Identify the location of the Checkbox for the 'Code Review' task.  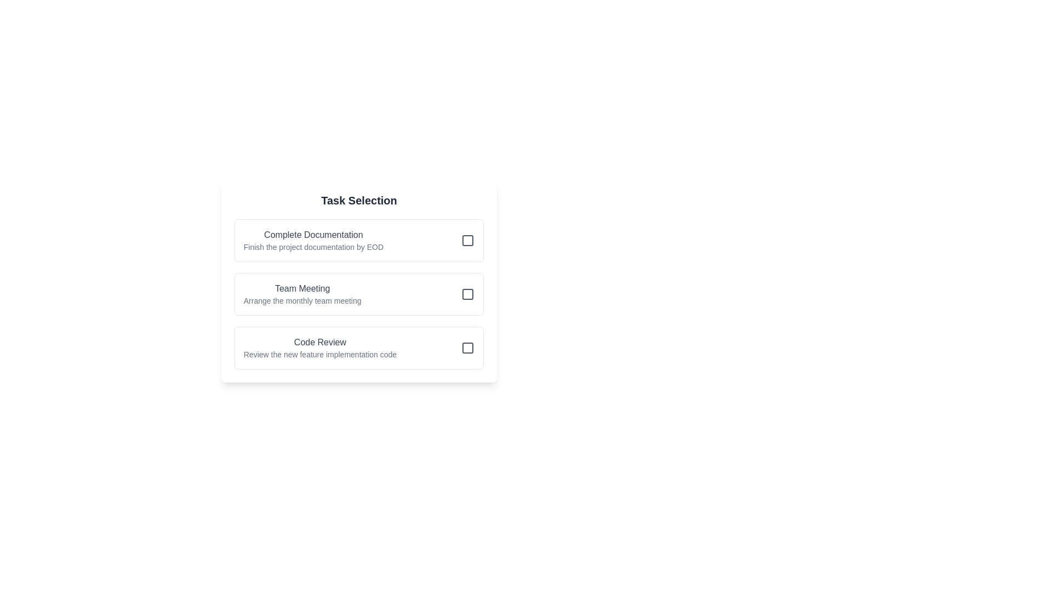
(468, 348).